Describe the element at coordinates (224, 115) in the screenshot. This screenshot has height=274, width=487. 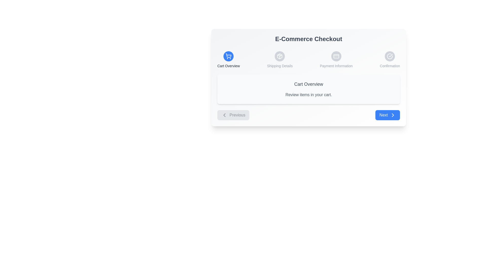
I see `the Chevron Left icon located within the 'Previous' button at the bottom-left corner of the interface` at that location.